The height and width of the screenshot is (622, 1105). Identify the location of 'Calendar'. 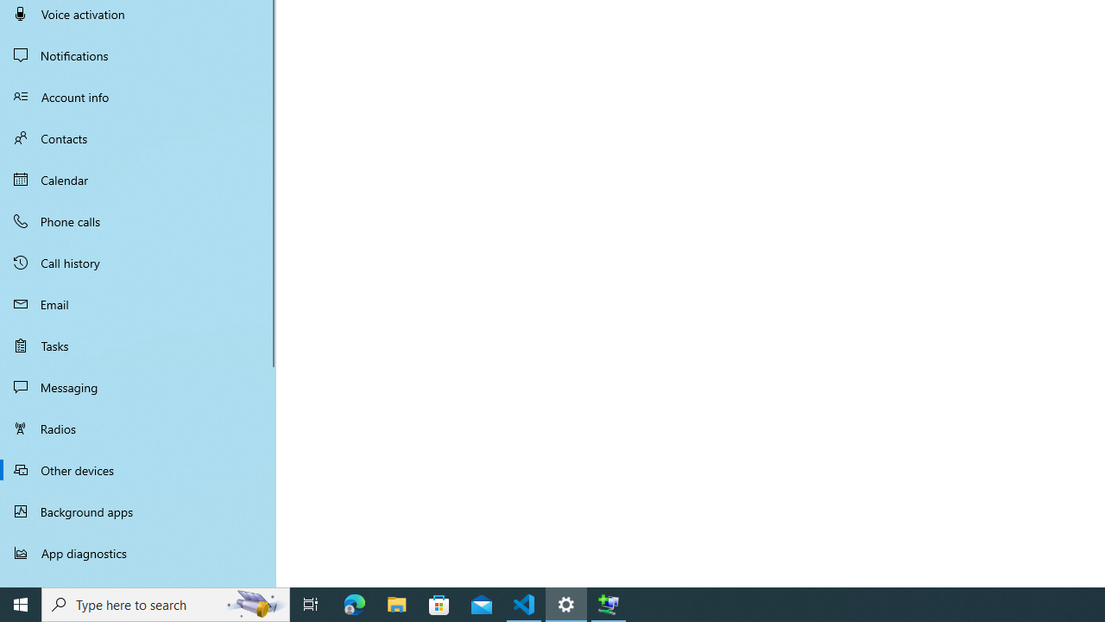
(138, 180).